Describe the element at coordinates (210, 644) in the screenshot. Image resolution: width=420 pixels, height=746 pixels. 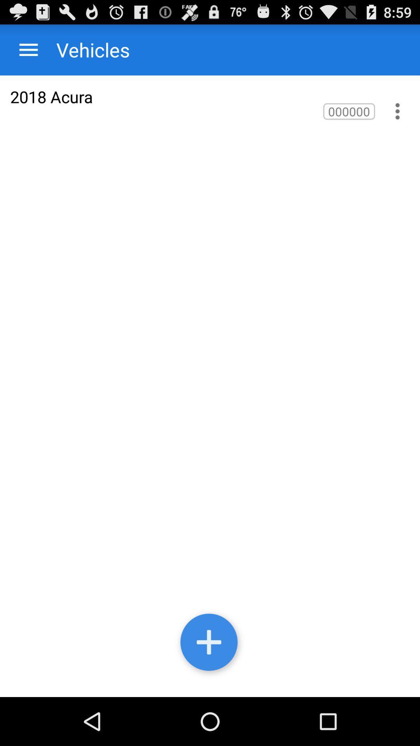
I see `record` at that location.